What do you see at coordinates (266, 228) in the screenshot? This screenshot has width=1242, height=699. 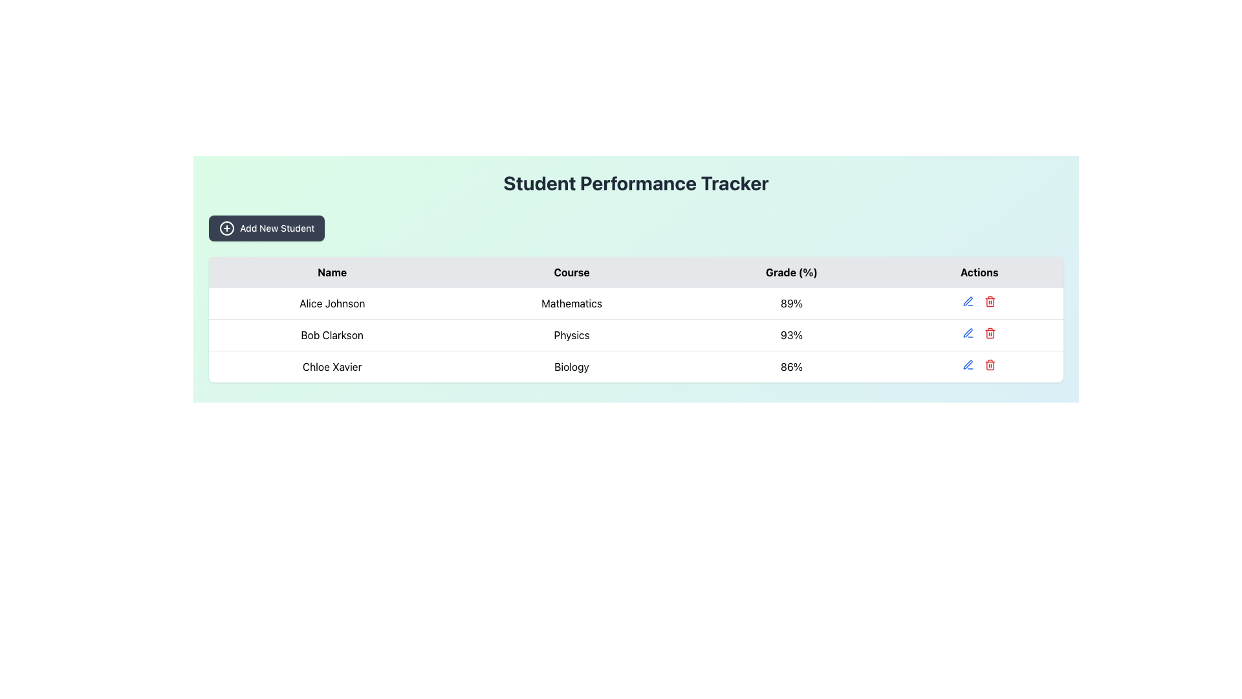 I see `the 'Add New Student' button located below the 'Student Performance Tracker' heading` at bounding box center [266, 228].